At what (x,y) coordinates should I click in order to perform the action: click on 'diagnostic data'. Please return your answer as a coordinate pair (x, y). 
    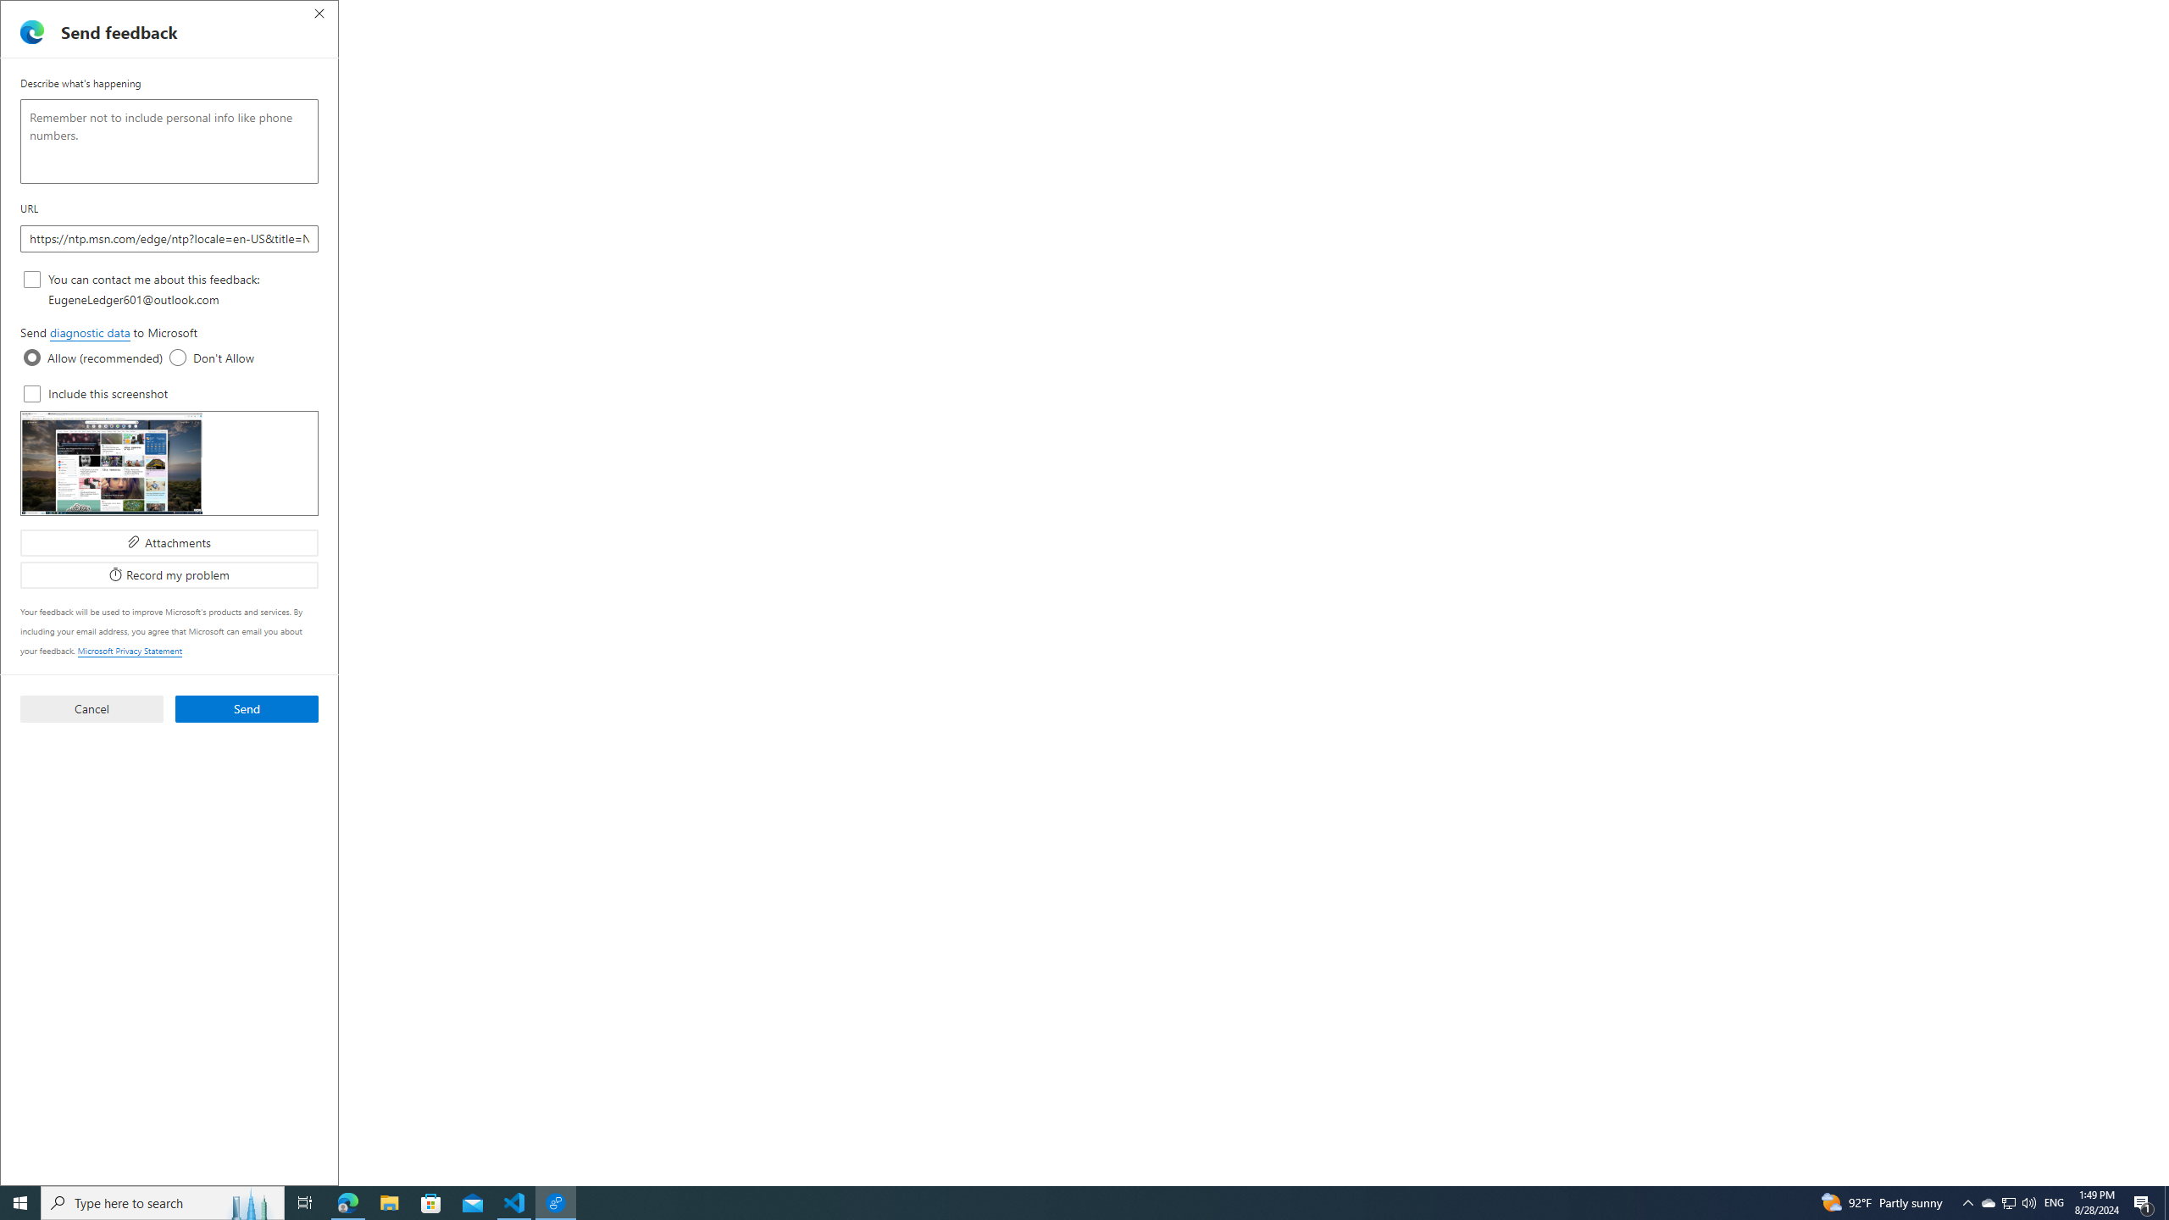
    Looking at the image, I should click on (89, 332).